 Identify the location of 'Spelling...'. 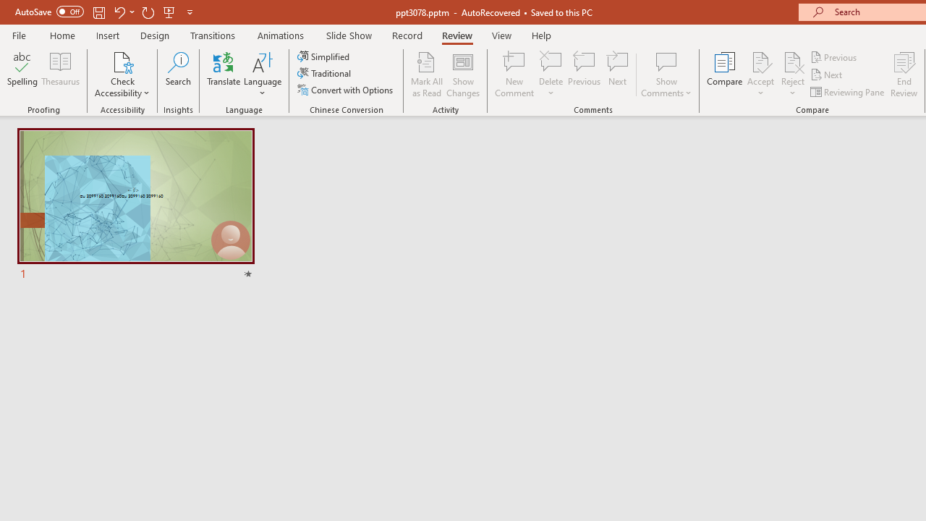
(22, 75).